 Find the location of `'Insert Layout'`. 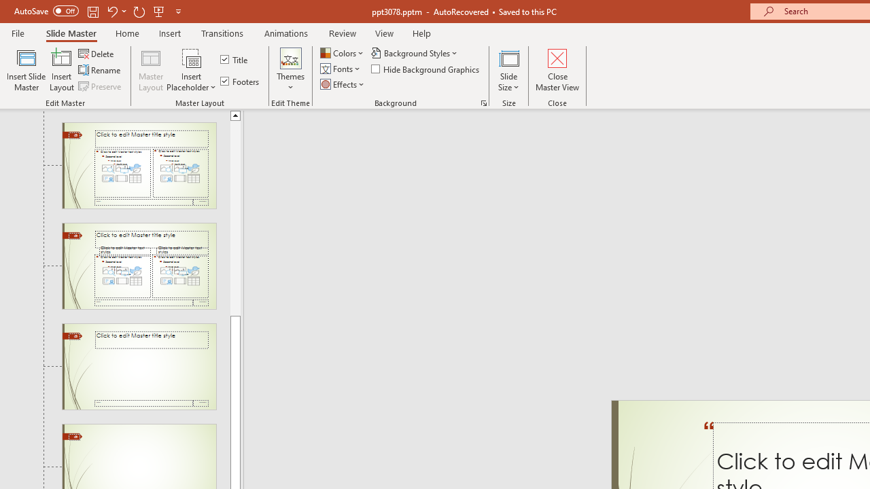

'Insert Layout' is located at coordinates (61, 70).